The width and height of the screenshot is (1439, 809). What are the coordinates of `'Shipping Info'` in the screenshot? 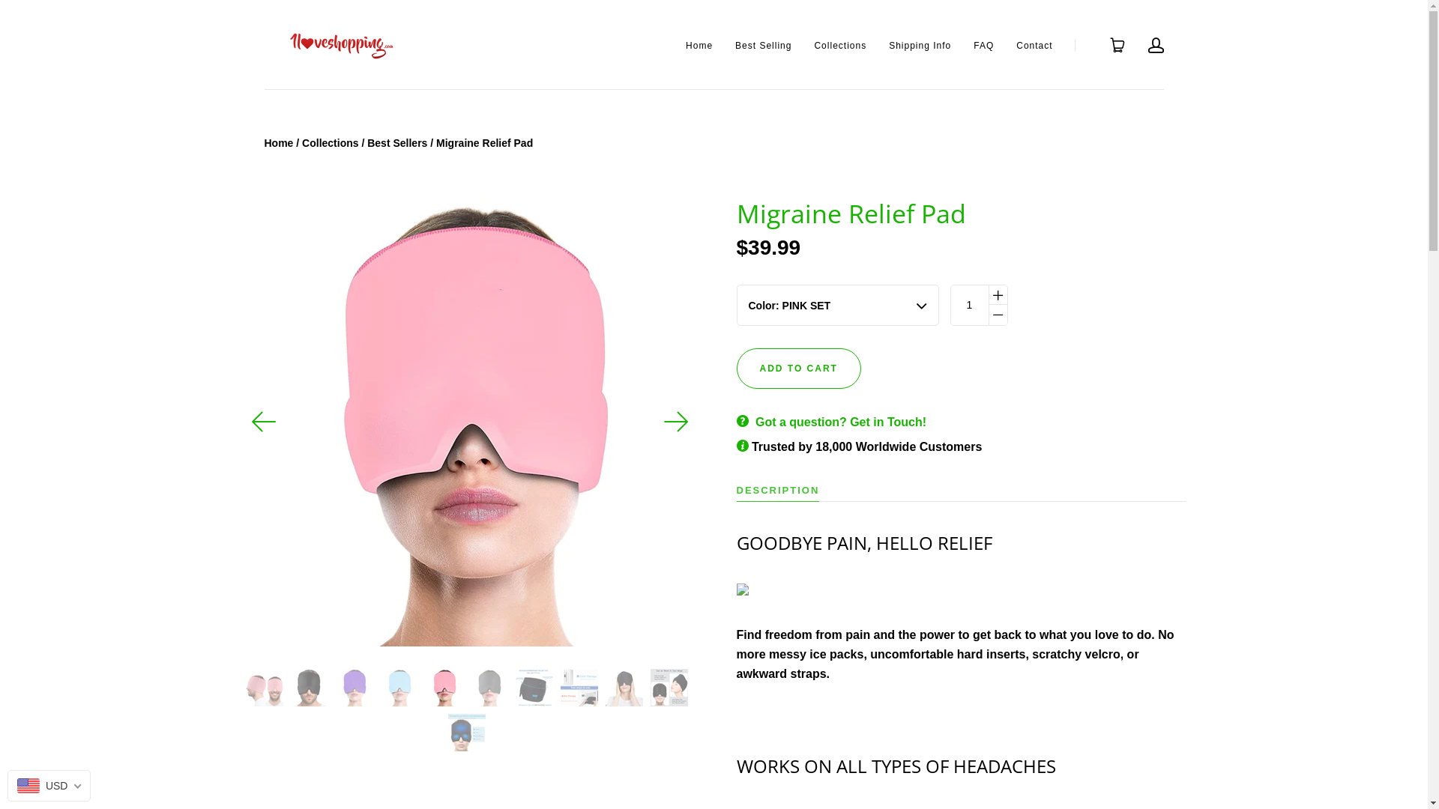 It's located at (888, 45).